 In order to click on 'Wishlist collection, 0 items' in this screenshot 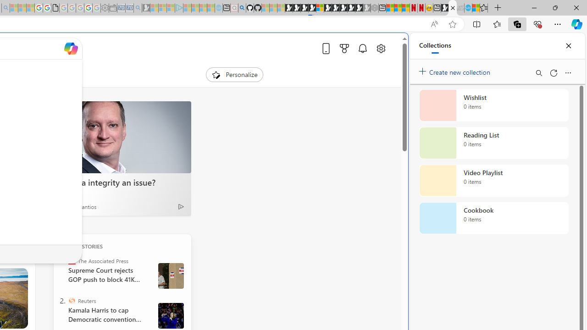, I will do `click(493, 105)`.